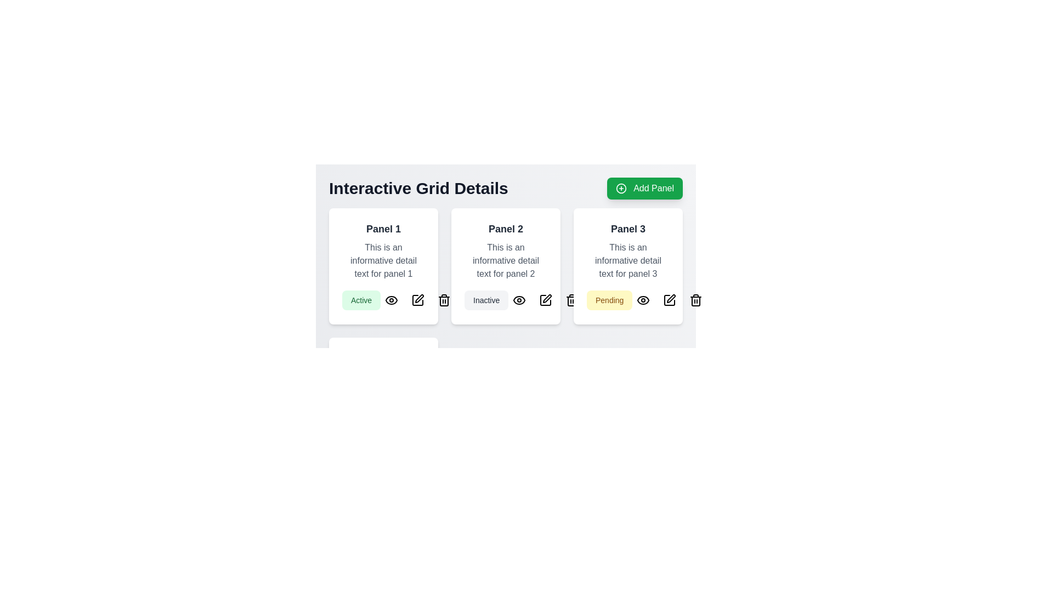 This screenshot has height=592, width=1053. I want to click on the eye-shaped icon representing visibility, located between the 'Pending' label and a pencil icon in Panel 3, so click(643, 300).